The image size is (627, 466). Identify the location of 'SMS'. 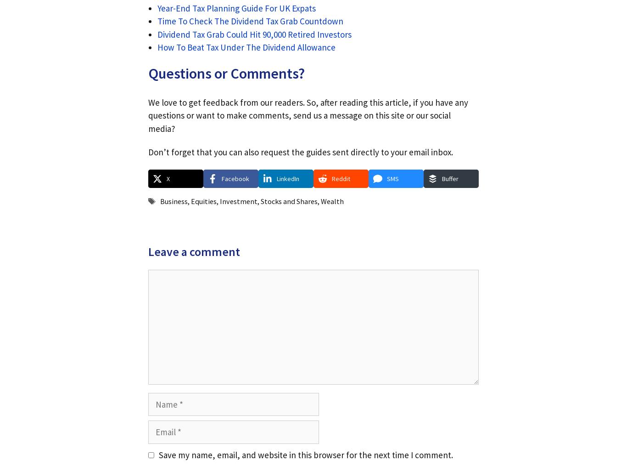
(392, 177).